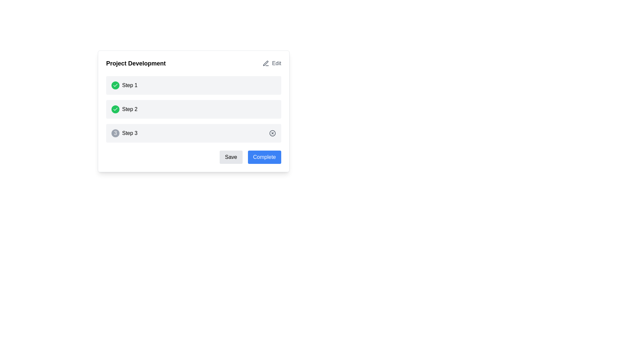 Image resolution: width=639 pixels, height=359 pixels. What do you see at coordinates (124, 85) in the screenshot?
I see `label 'Step 1' from the Status Indicator with Label that contains a green check icon and is positioned at the top of the Project Development steps list` at bounding box center [124, 85].